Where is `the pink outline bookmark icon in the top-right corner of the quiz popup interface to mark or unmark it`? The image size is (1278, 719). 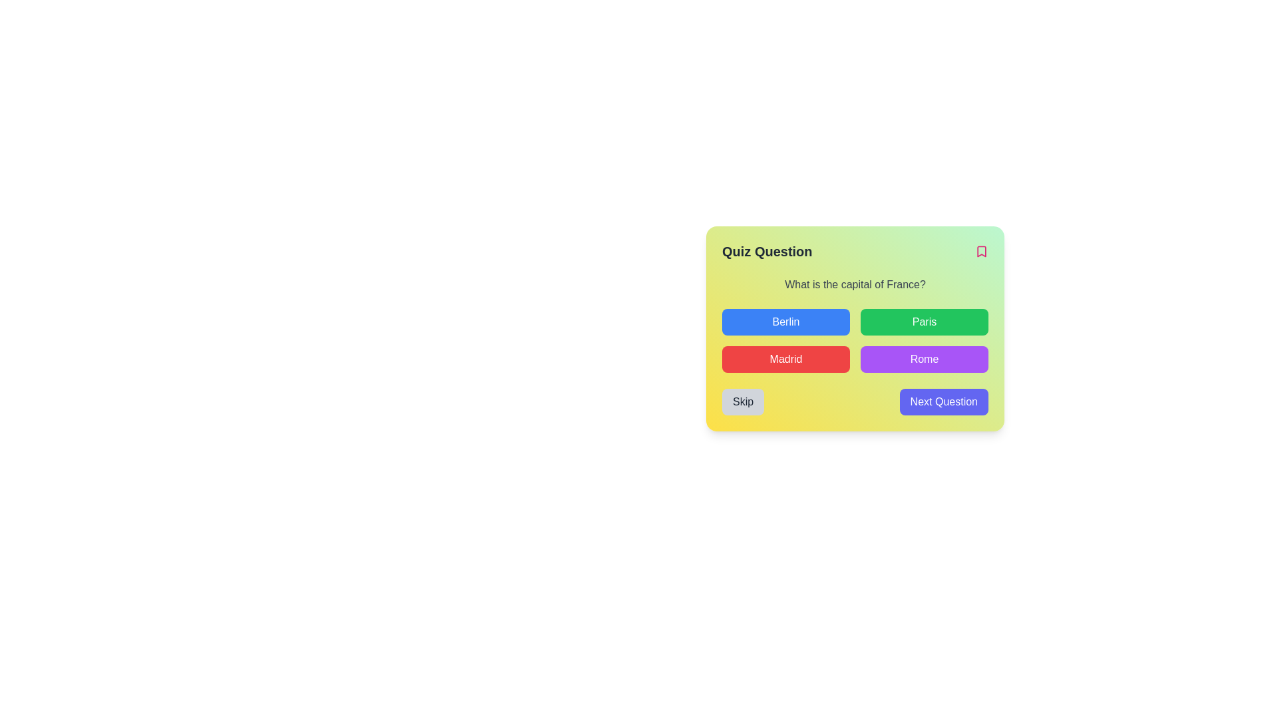
the pink outline bookmark icon in the top-right corner of the quiz popup interface to mark or unmark it is located at coordinates (981, 252).